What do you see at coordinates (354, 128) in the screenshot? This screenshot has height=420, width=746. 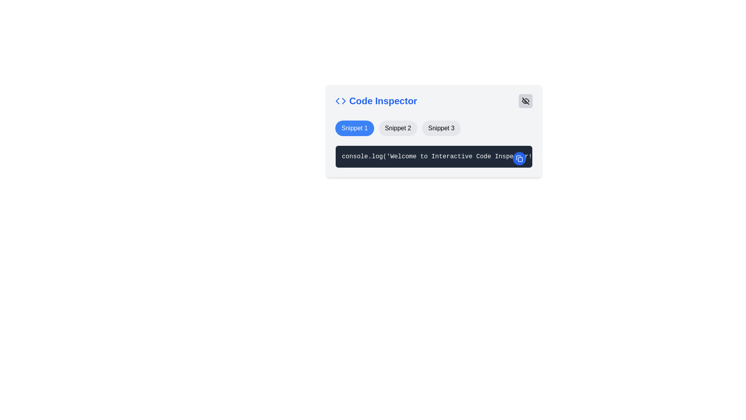 I see `the first button labeled 'Snippet 1' to perform advanced interactions` at bounding box center [354, 128].